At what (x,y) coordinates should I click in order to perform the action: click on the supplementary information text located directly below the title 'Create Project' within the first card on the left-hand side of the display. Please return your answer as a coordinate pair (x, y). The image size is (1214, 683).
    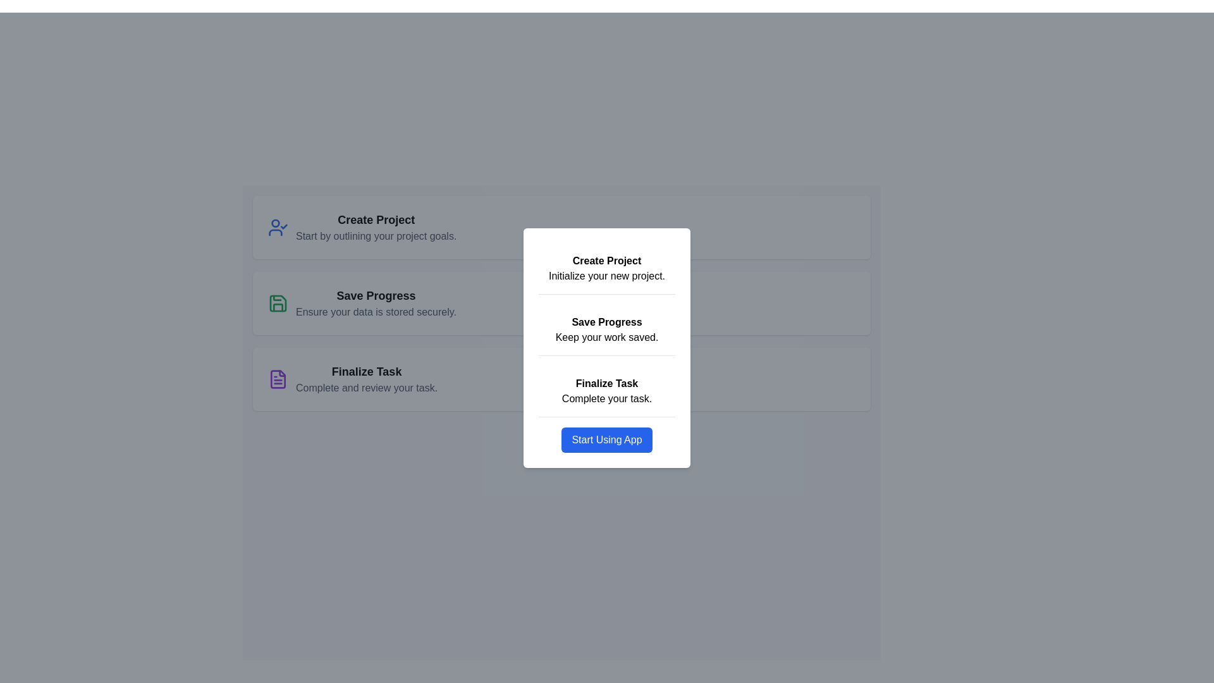
    Looking at the image, I should click on (376, 237).